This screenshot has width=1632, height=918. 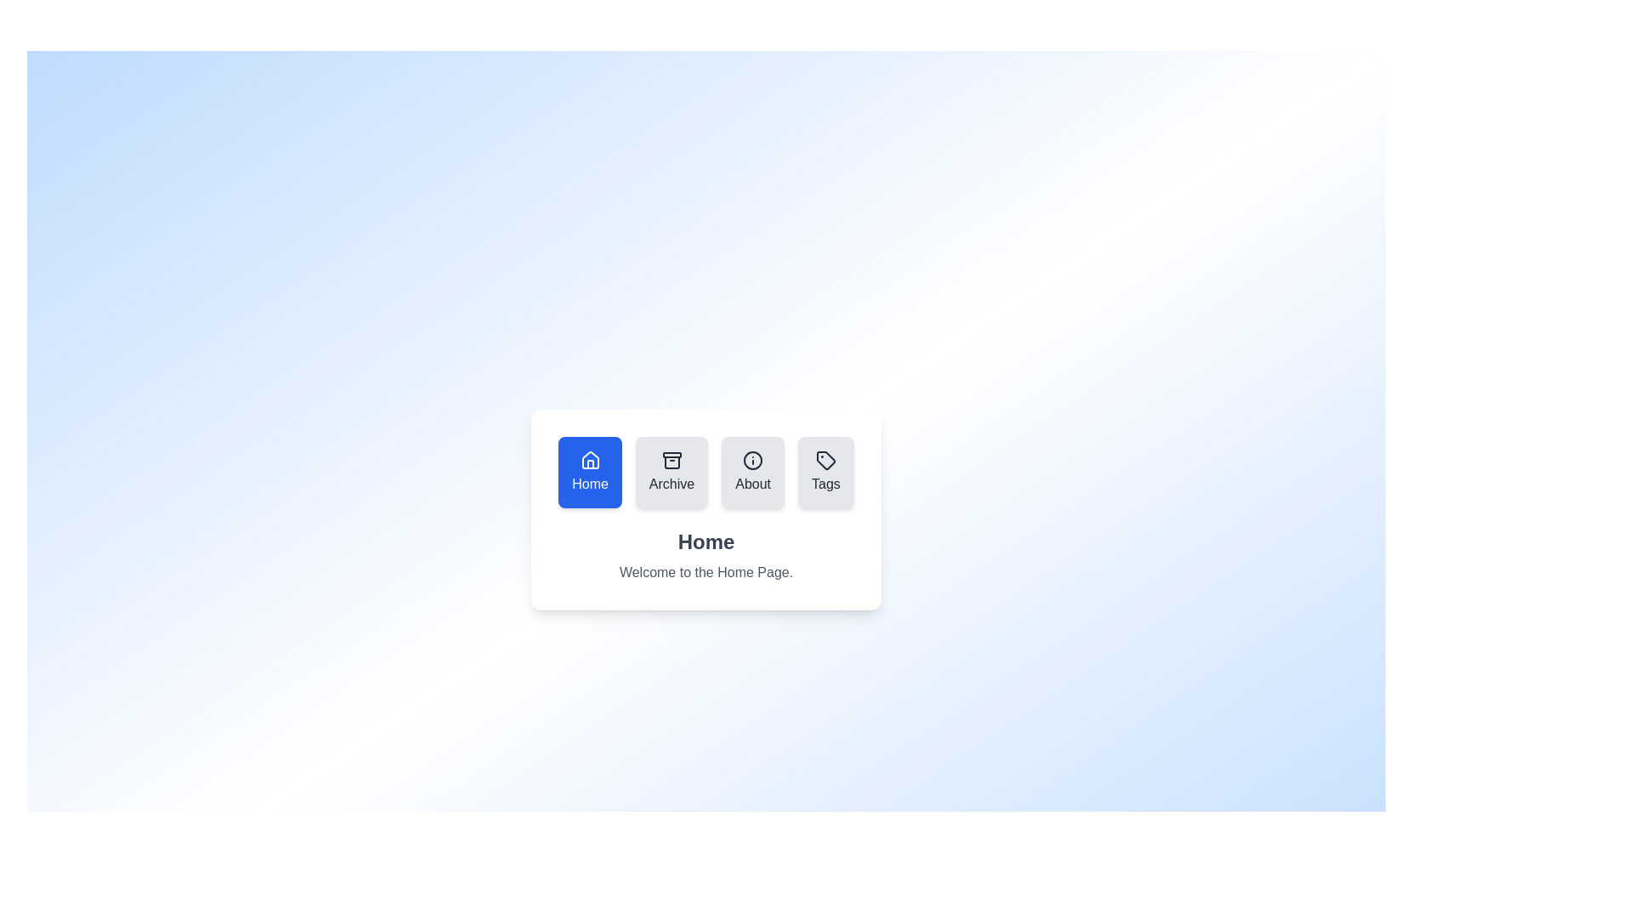 I want to click on the tab icon corresponding to About, so click(x=752, y=472).